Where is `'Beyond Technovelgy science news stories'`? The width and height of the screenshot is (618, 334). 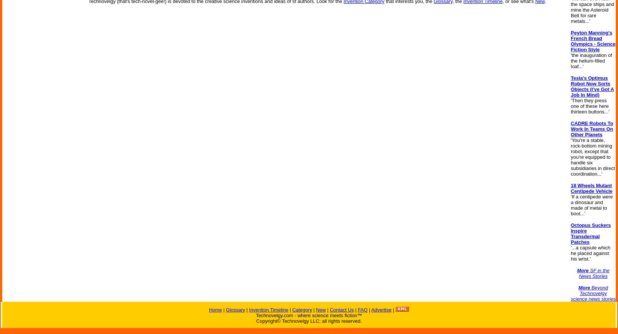
'Beyond Technovelgy science news stories' is located at coordinates (593, 293).